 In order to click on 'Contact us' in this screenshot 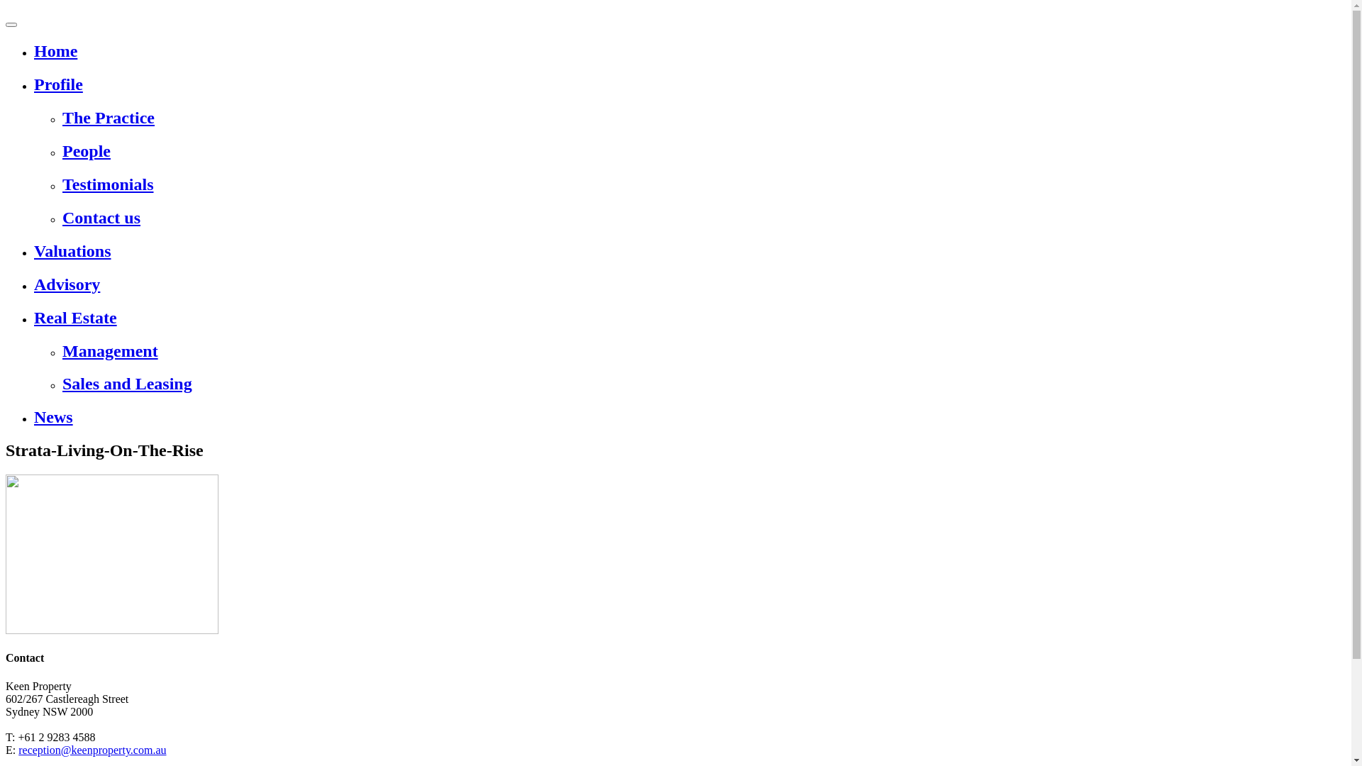, I will do `click(61, 218)`.